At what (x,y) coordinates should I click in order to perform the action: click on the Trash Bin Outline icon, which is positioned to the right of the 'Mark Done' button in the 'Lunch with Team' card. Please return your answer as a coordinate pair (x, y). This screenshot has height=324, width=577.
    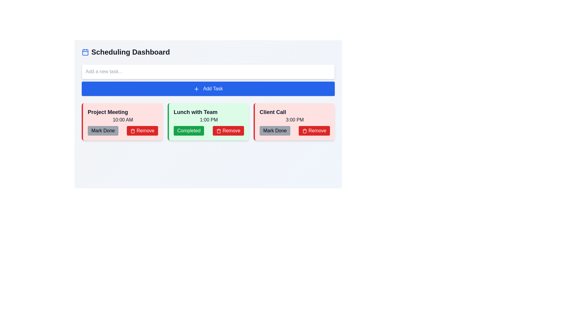
    Looking at the image, I should click on (132, 131).